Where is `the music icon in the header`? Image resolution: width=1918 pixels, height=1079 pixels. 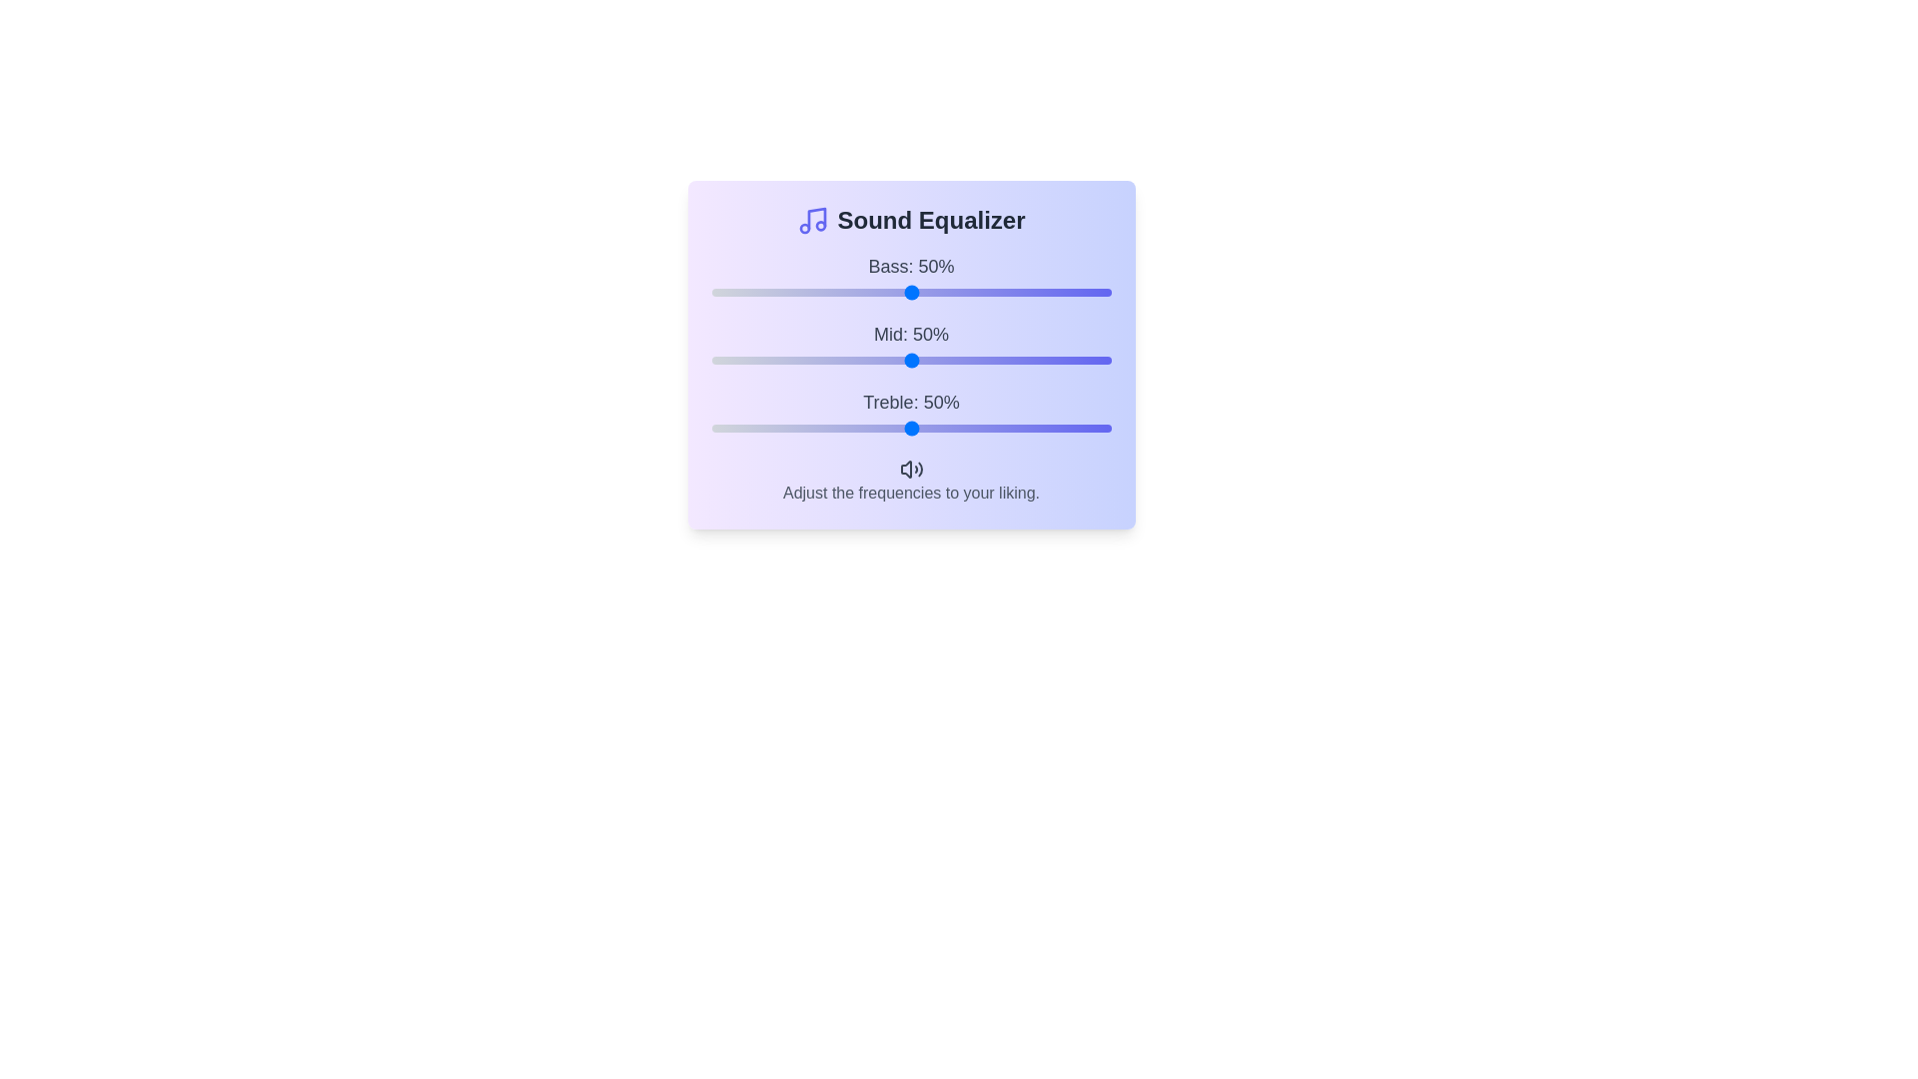 the music icon in the header is located at coordinates (813, 220).